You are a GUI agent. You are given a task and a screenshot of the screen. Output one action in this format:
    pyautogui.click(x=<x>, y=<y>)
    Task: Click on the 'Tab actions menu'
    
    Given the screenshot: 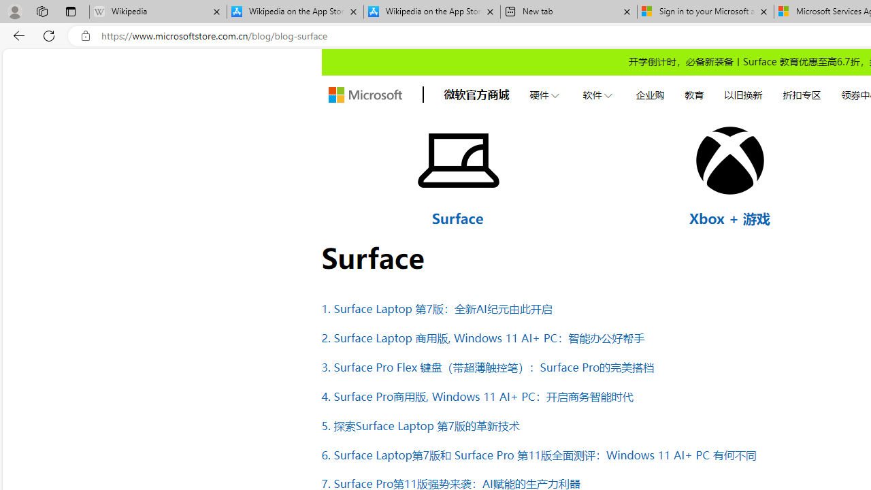 What is the action you would take?
    pyautogui.click(x=70, y=11)
    